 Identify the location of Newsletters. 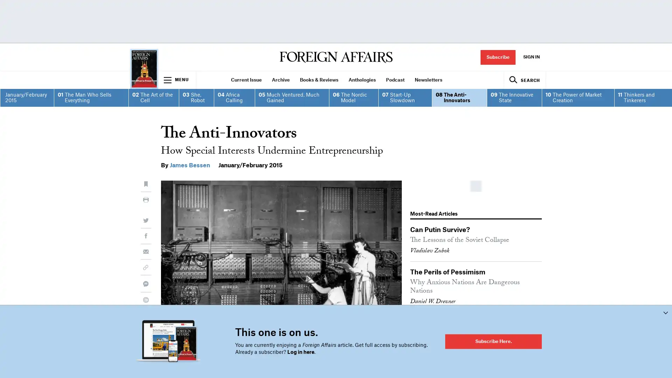
(428, 79).